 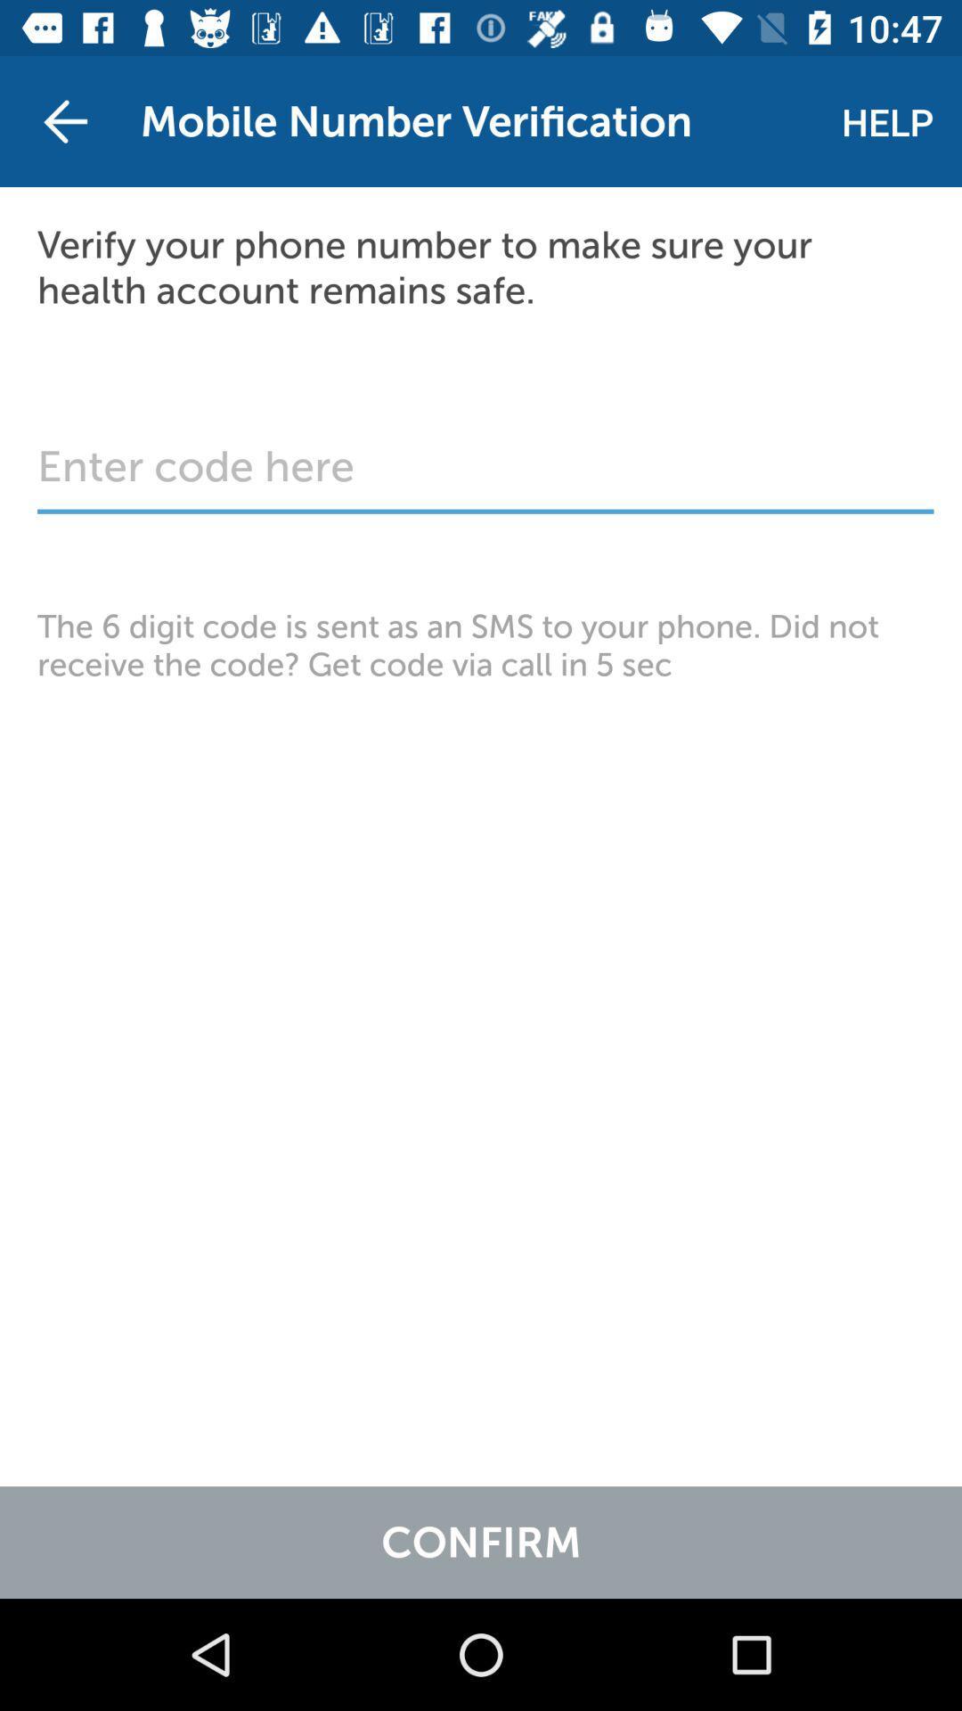 What do you see at coordinates (481, 644) in the screenshot?
I see `the icon above confirm item` at bounding box center [481, 644].